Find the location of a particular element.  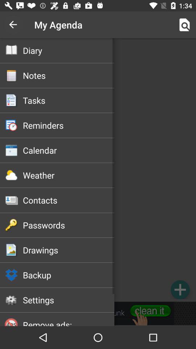

icon above the backup is located at coordinates (69, 250).